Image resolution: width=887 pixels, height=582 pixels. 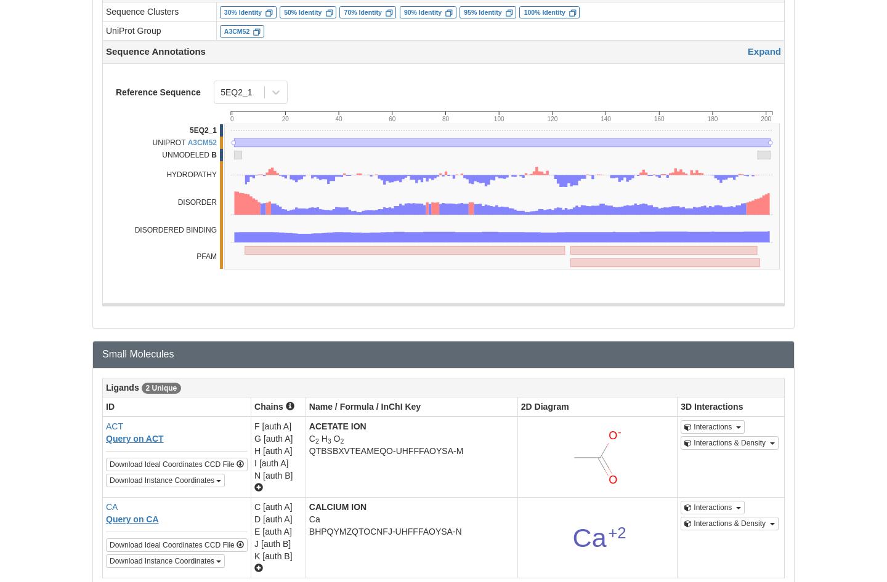 What do you see at coordinates (362, 12) in the screenshot?
I see `'70% Identity'` at bounding box center [362, 12].